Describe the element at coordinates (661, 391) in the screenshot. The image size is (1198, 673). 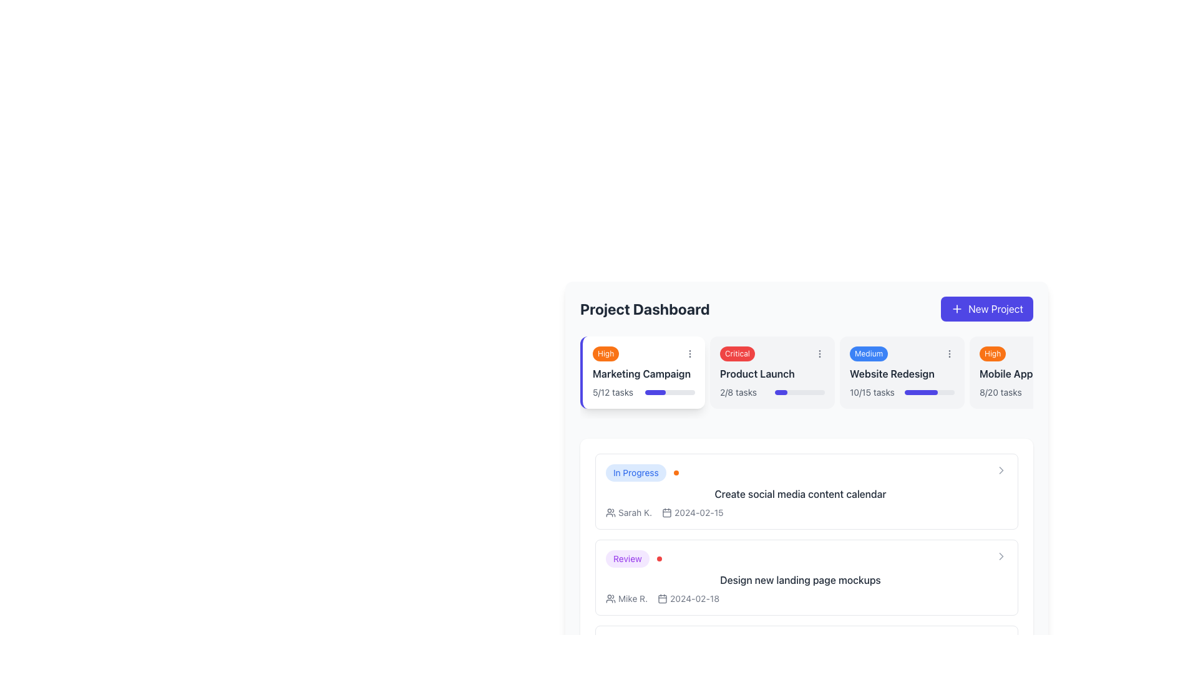
I see `progress on the bar` at that location.